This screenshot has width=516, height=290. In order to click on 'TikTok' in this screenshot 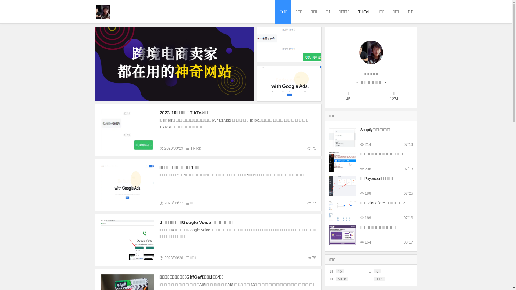, I will do `click(195, 148)`.